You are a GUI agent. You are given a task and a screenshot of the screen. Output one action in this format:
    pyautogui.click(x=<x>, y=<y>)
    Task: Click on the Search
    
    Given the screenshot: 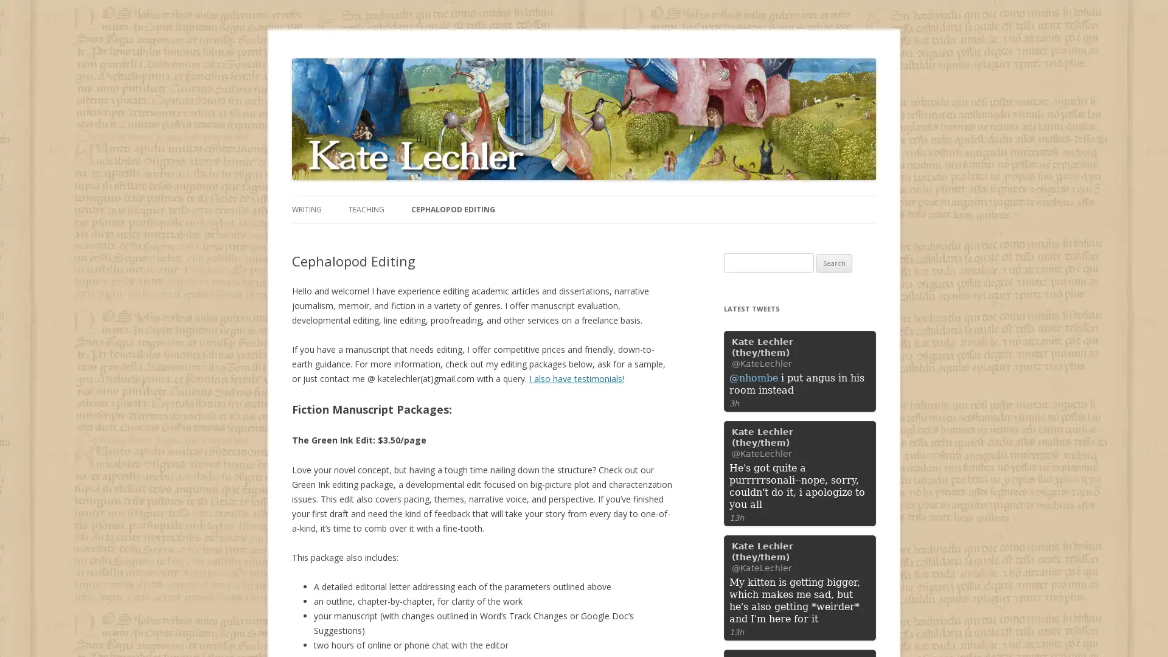 What is the action you would take?
    pyautogui.click(x=833, y=262)
    